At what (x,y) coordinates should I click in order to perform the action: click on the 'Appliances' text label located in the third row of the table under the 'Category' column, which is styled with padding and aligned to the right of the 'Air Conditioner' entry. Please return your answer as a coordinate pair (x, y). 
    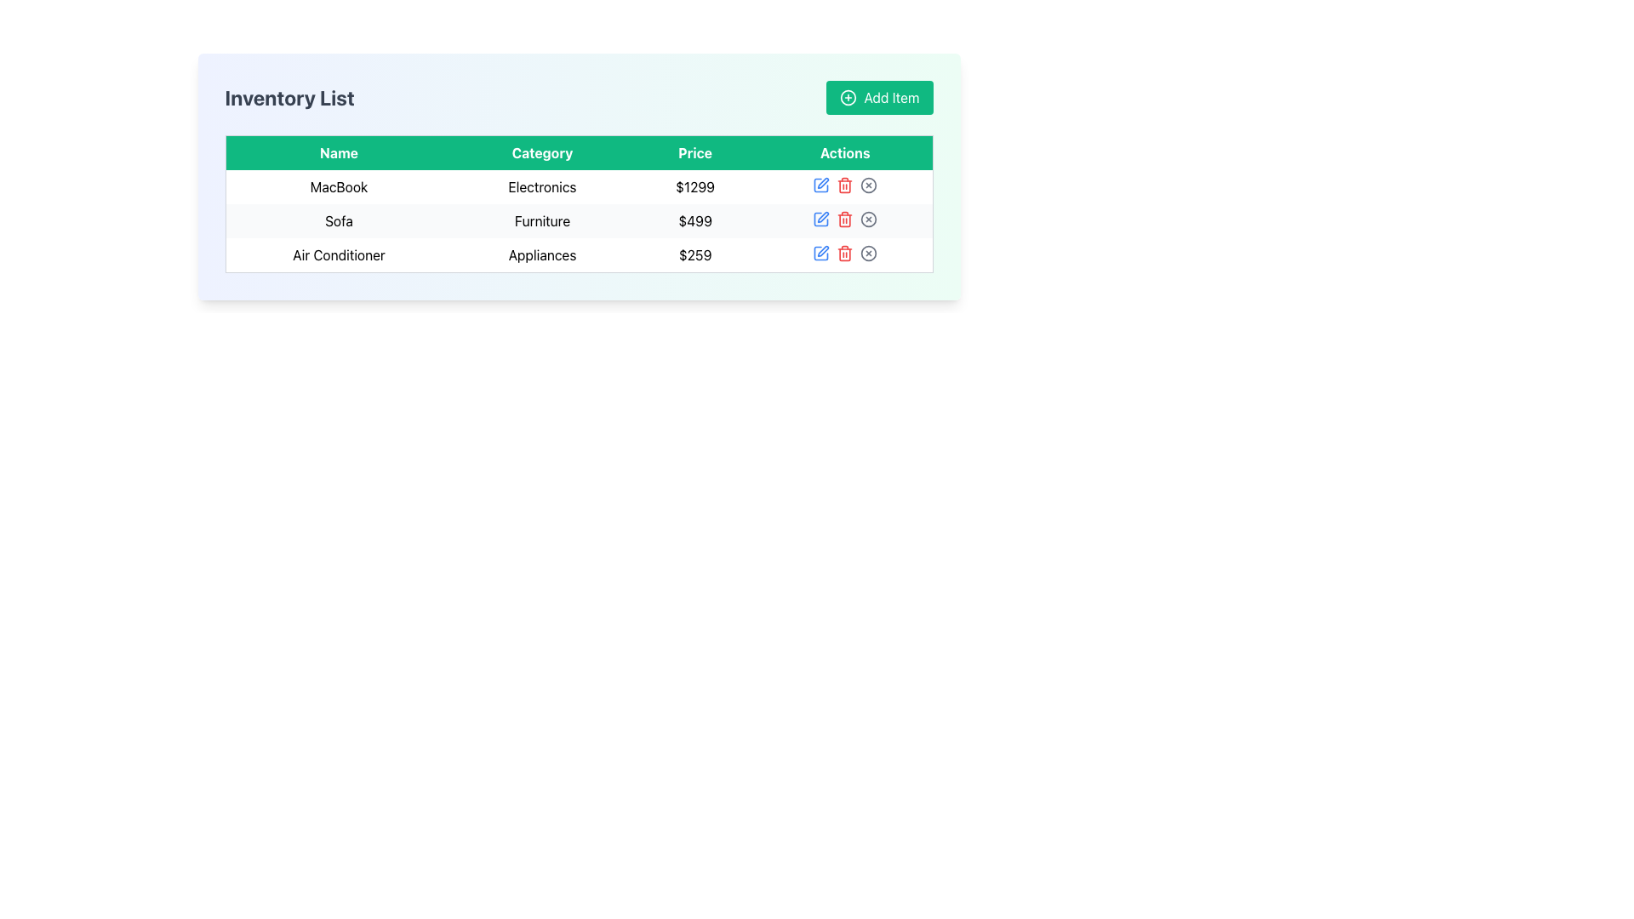
    Looking at the image, I should click on (541, 255).